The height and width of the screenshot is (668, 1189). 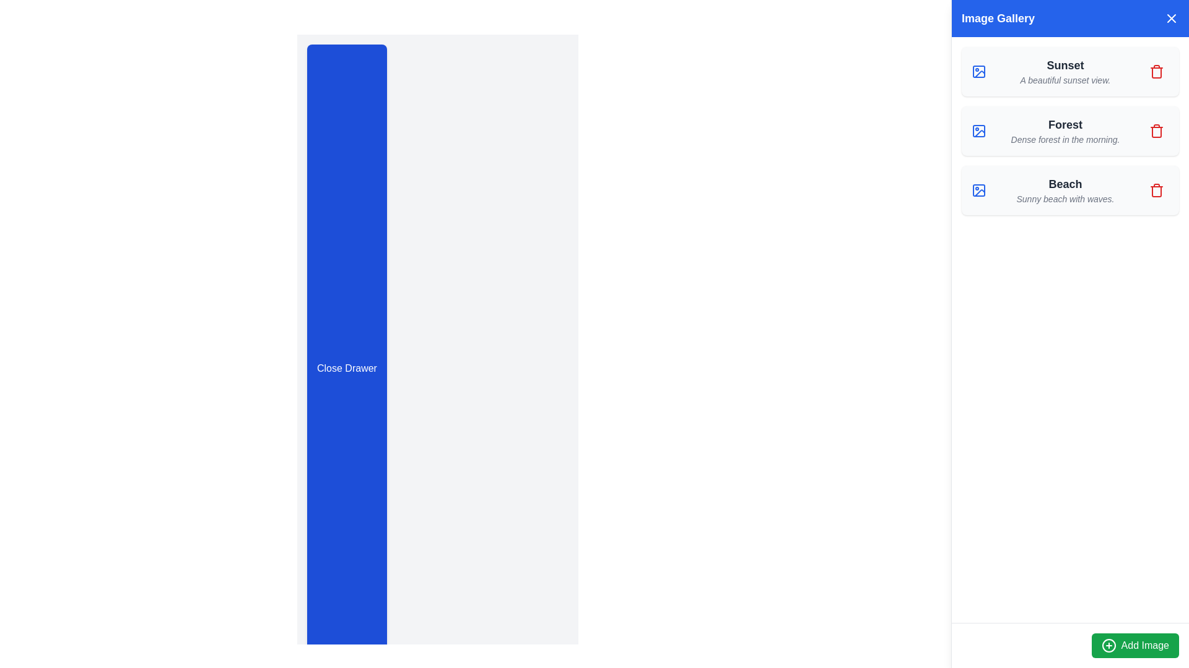 I want to click on the dismiss icon located in the top-right corner of the 'Image Gallery' panel, so click(x=1170, y=19).